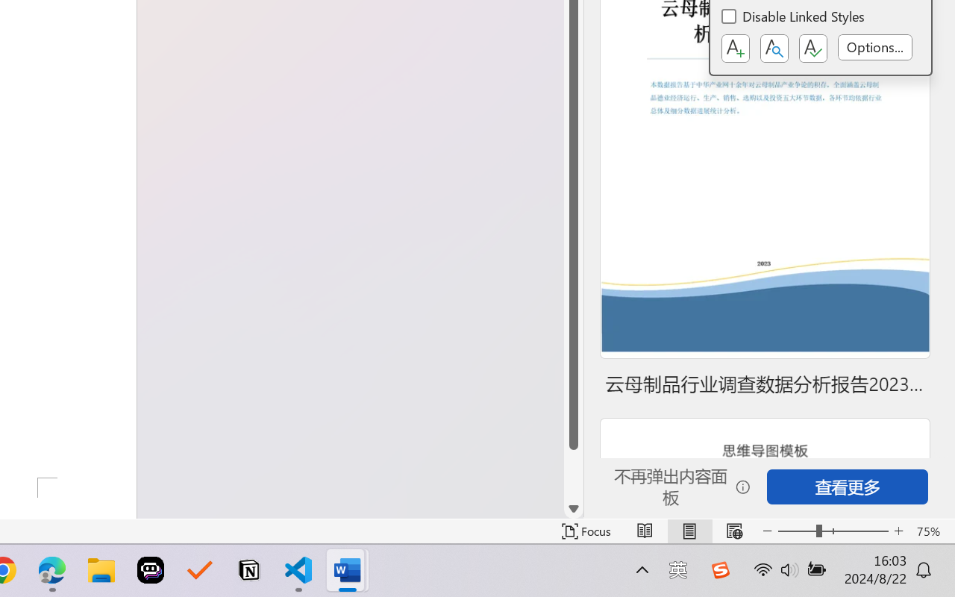 The height and width of the screenshot is (597, 955). Describe the element at coordinates (734, 531) in the screenshot. I see `'Web Layout'` at that location.